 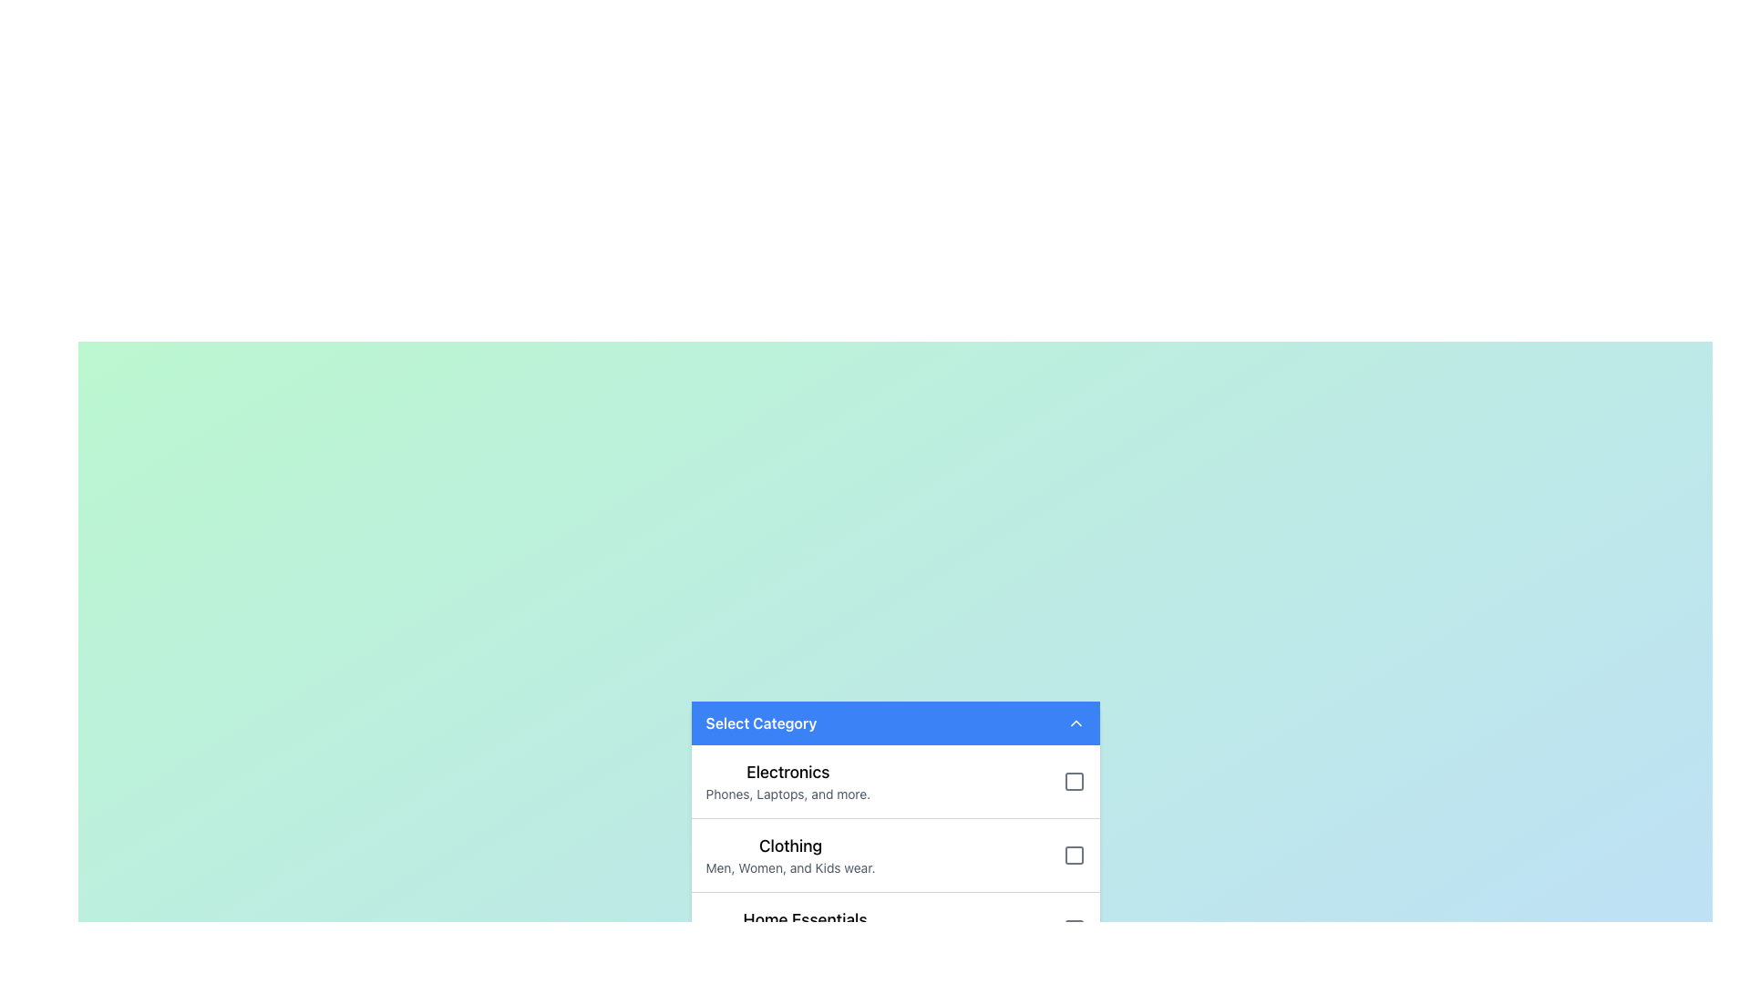 I want to click on the small gray square icon with a rounded border located to the right of the text 'Clothing', so click(x=1074, y=855).